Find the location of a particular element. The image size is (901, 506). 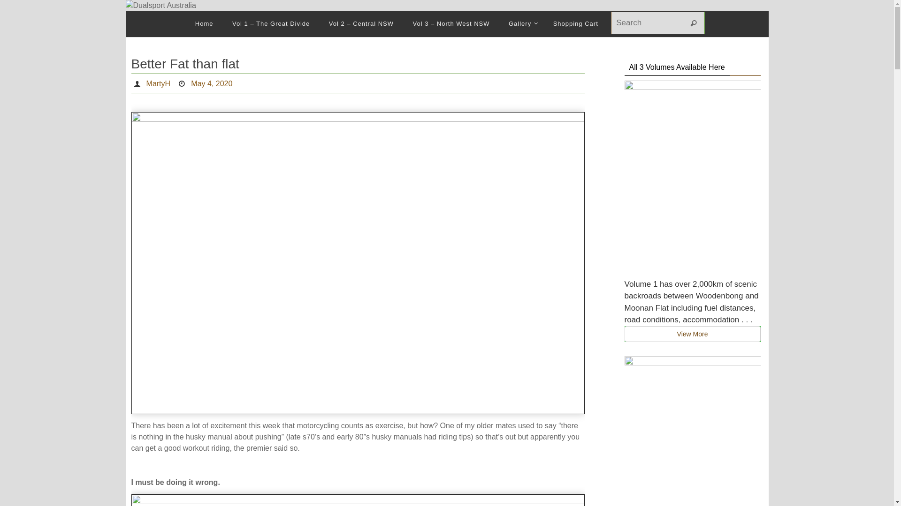

'Gallery' is located at coordinates (520, 23).